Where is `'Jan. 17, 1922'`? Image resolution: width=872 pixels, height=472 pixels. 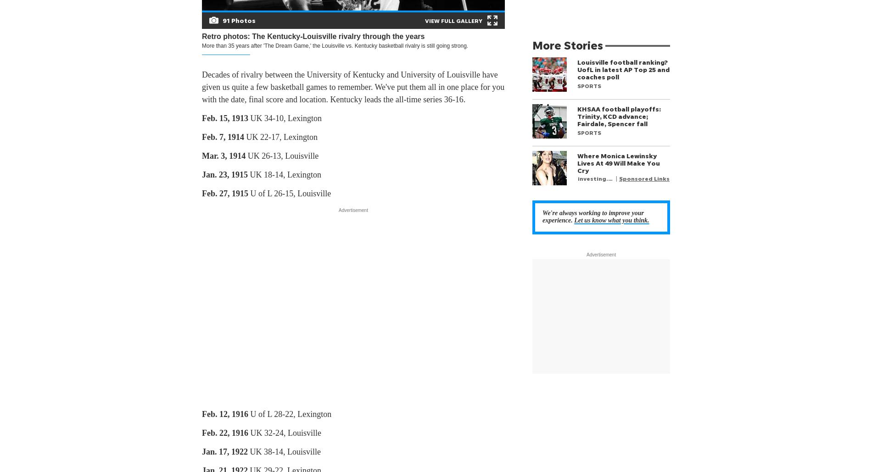
'Jan. 17, 1922' is located at coordinates (225, 451).